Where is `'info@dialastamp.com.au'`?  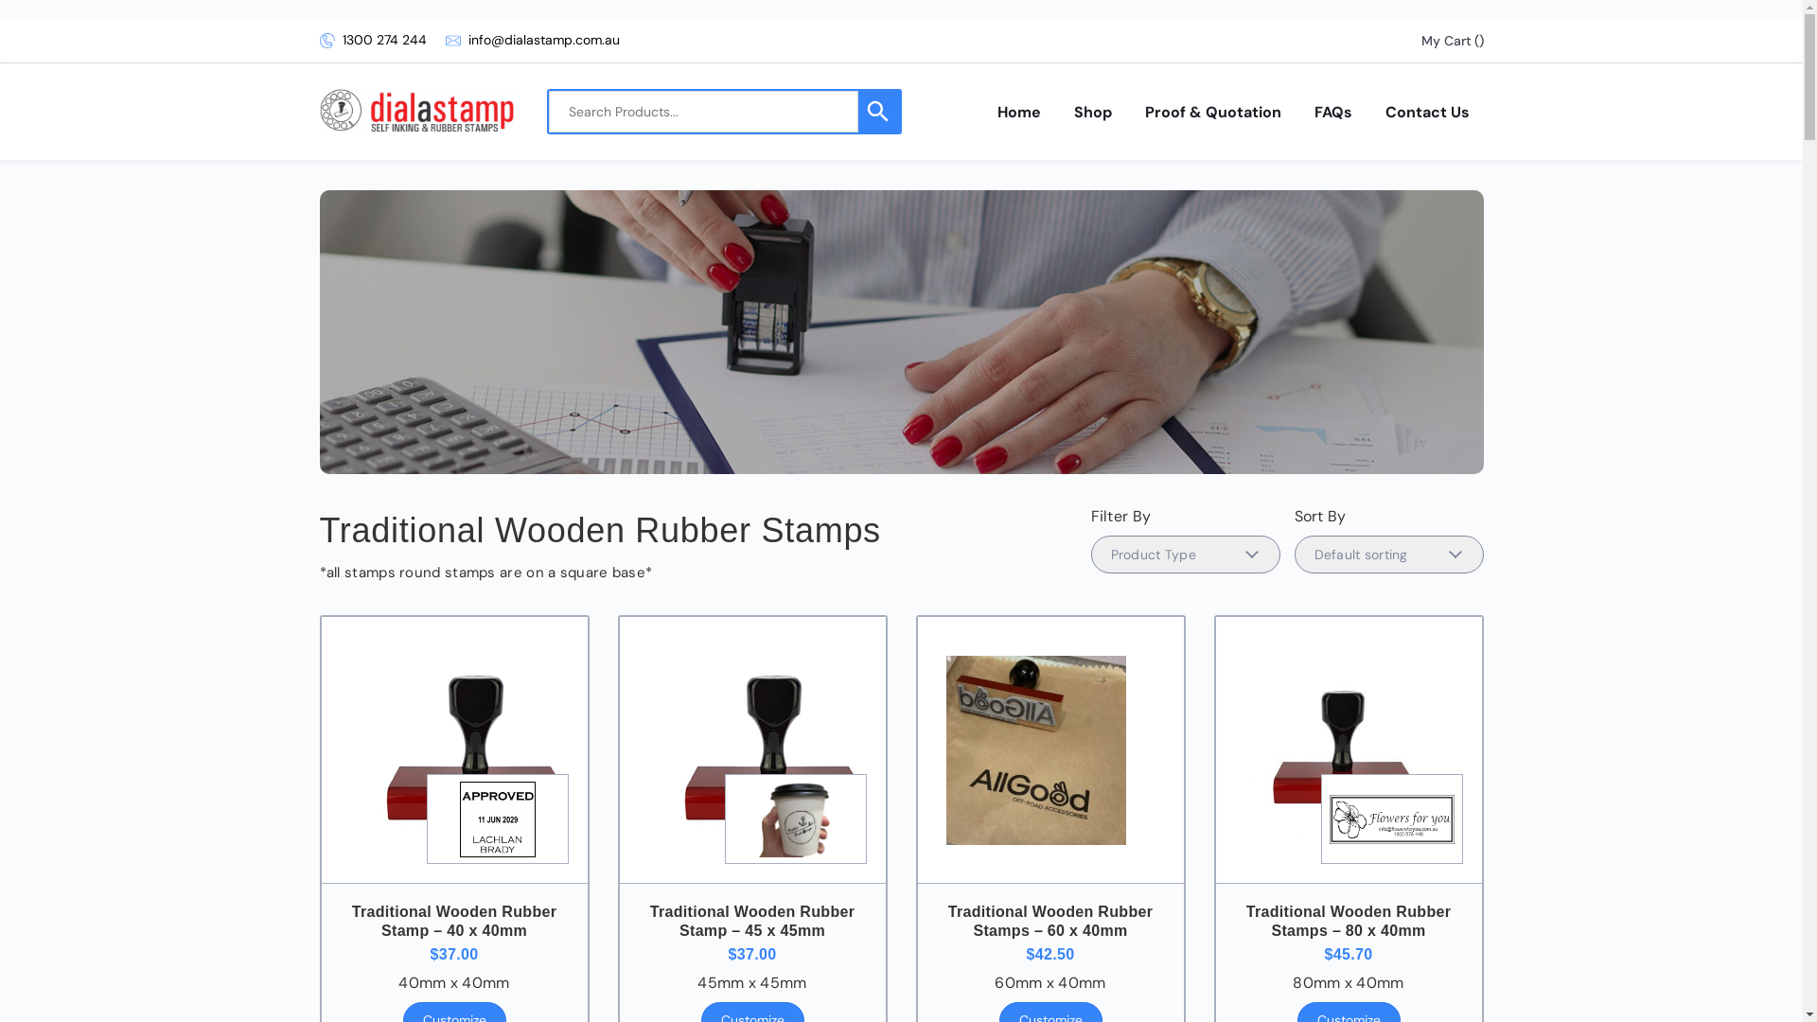
'info@dialastamp.com.au' is located at coordinates (530, 40).